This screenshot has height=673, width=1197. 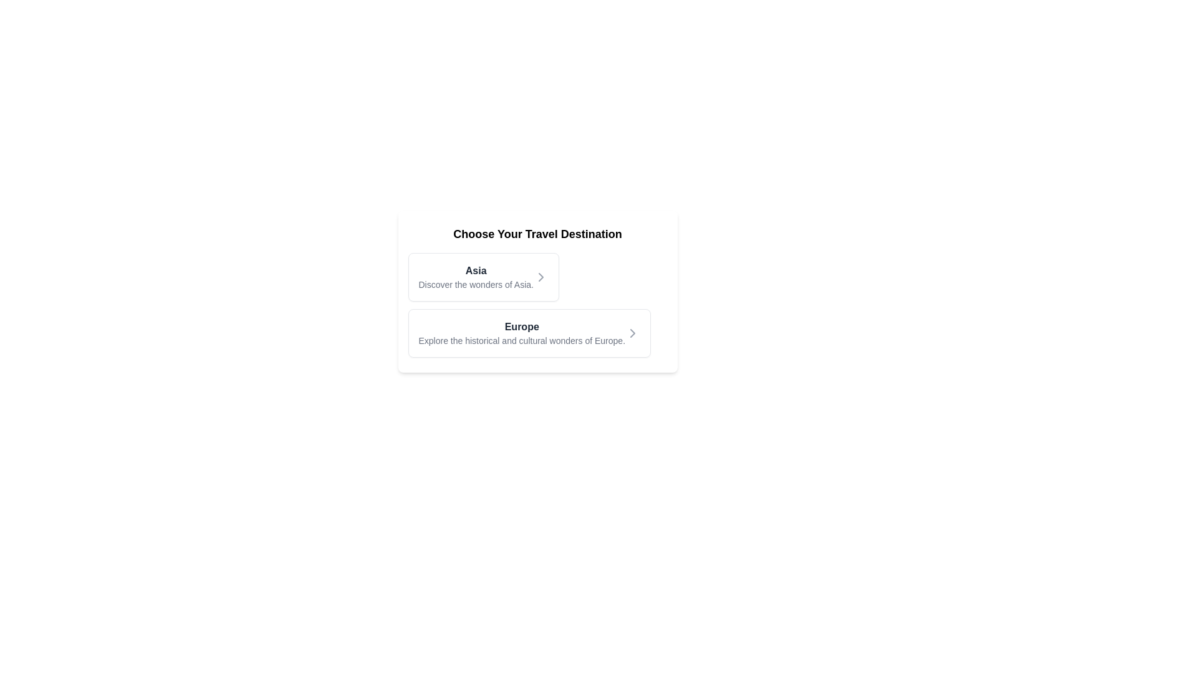 I want to click on the right-facing chevron arrow icon, which has a gray outline and is positioned to the far-right within a bordered rectangular box containing the text 'Asia' and 'Discover the wonders of Asia.', so click(x=541, y=276).